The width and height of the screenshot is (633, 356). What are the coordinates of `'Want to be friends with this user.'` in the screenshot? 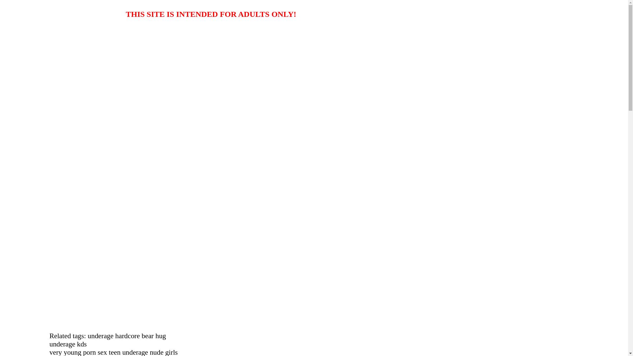 It's located at (16, 330).